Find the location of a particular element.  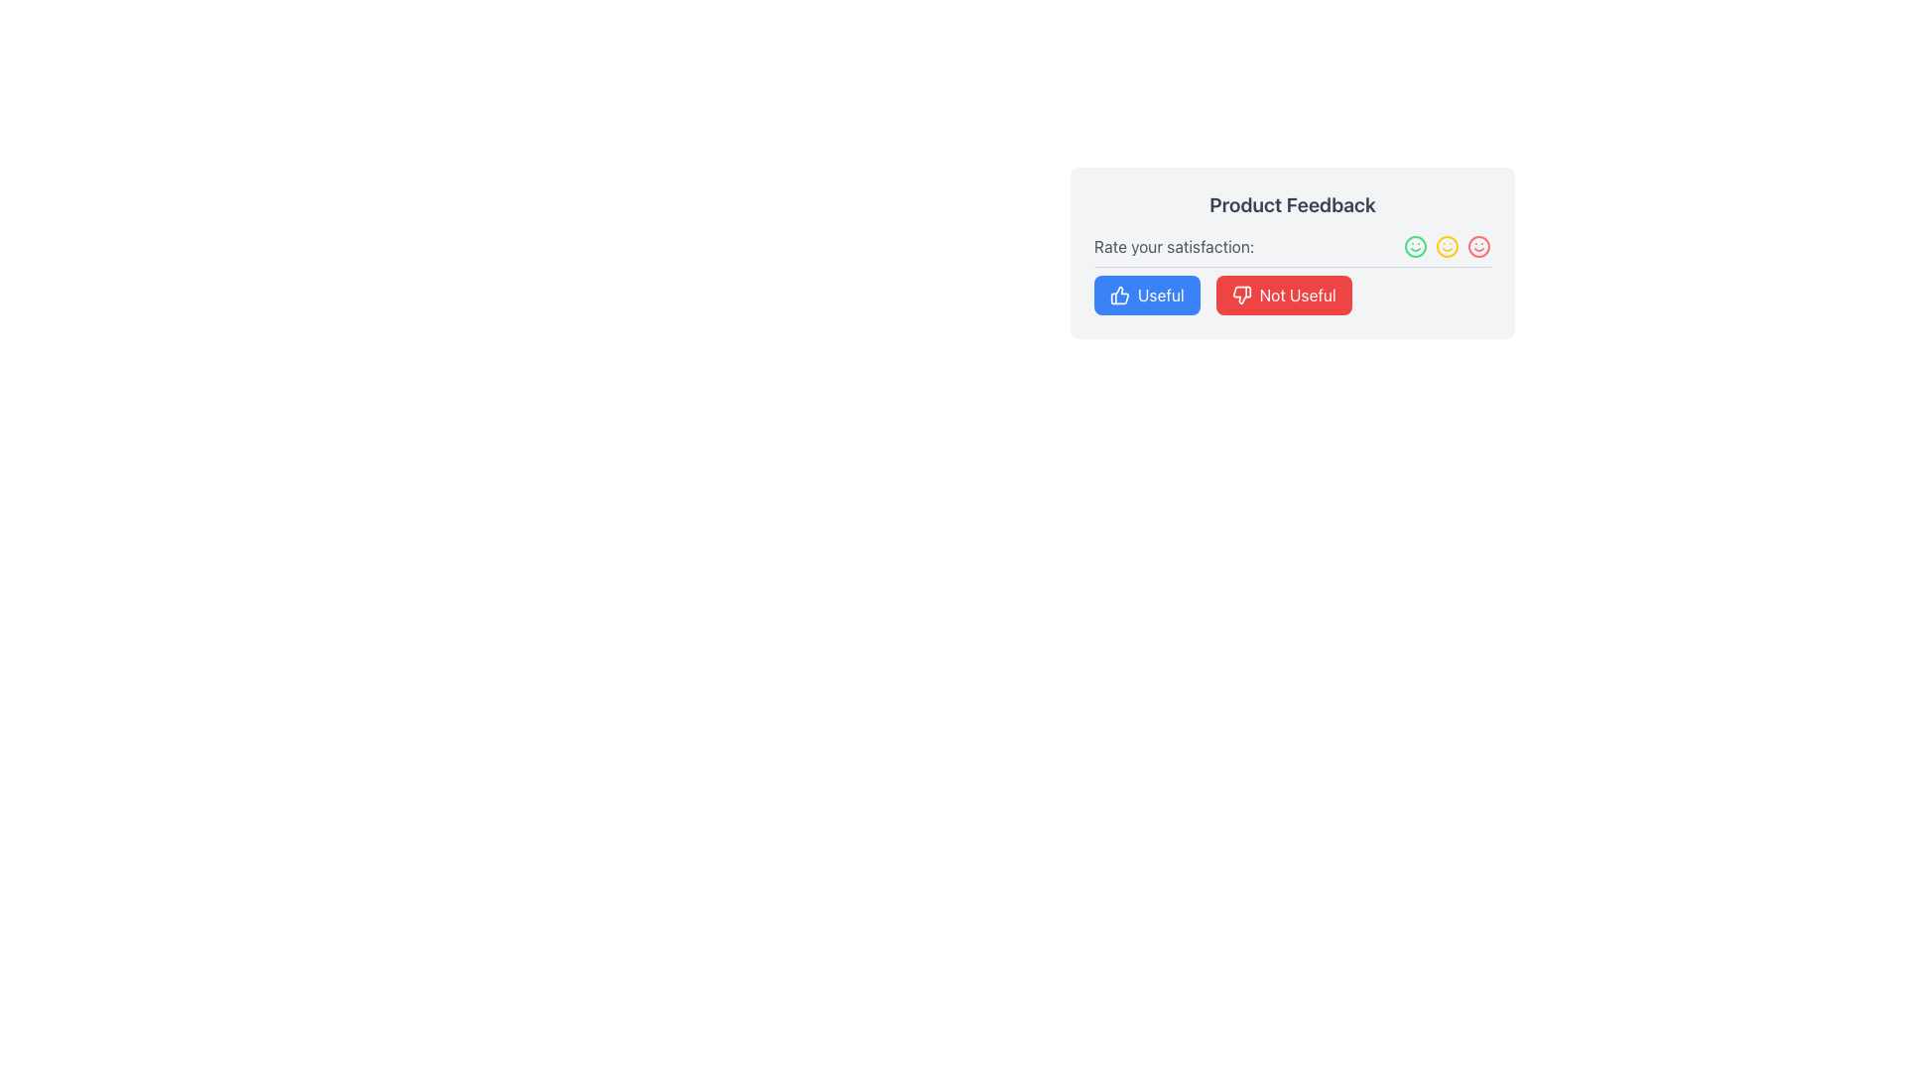

the yellow smiley face icon in the 'Rate your satisfaction' section is located at coordinates (1448, 246).